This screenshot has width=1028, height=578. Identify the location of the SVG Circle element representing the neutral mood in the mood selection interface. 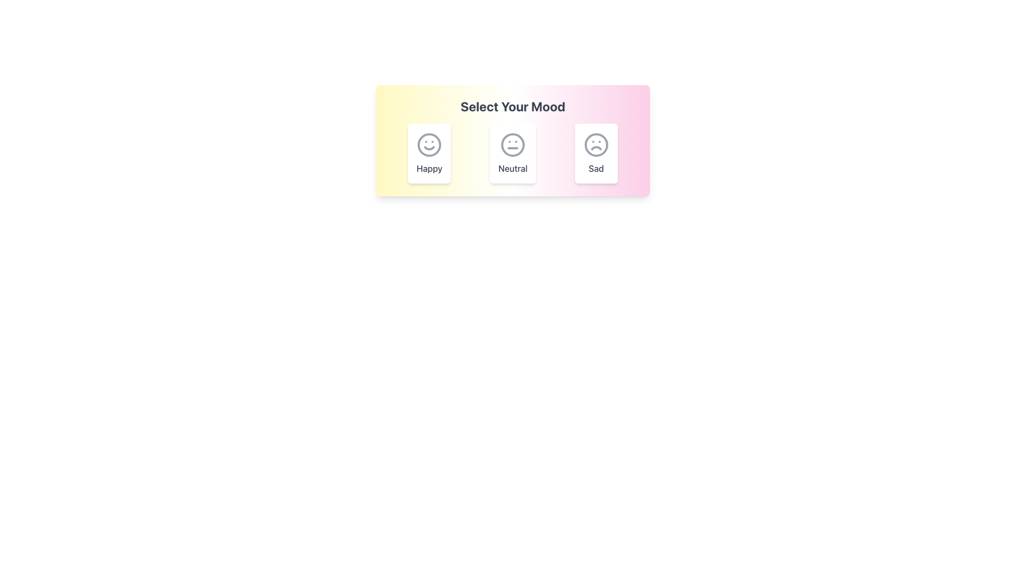
(512, 144).